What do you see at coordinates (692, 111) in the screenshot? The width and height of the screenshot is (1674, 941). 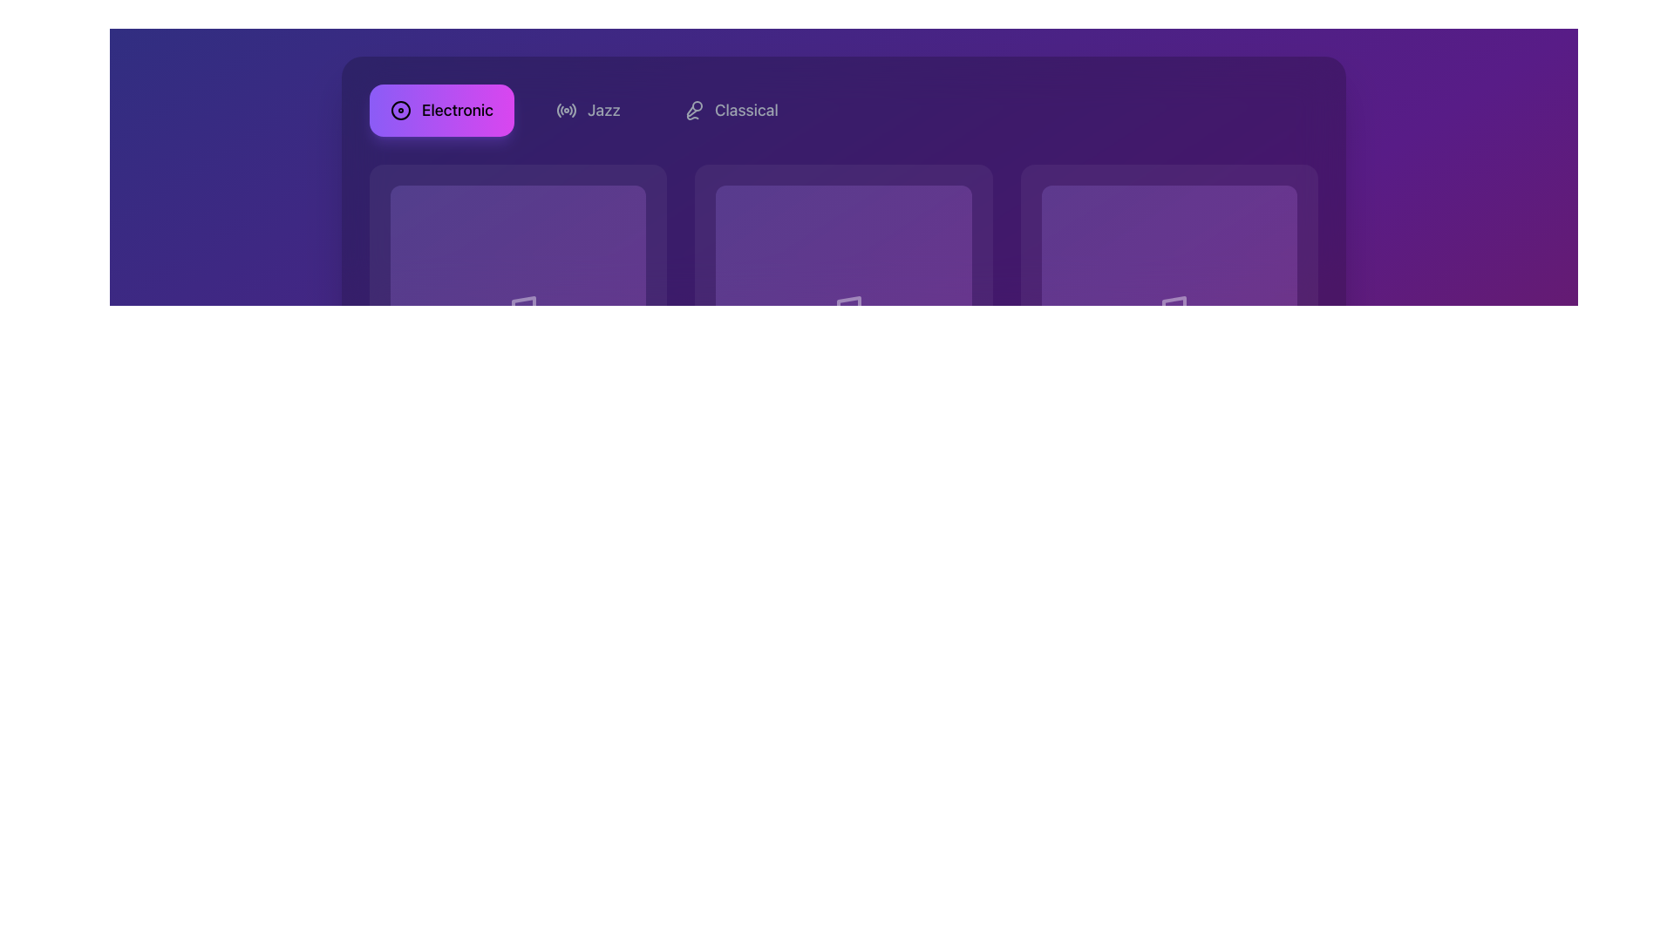 I see `the microphone icon located to the left of the 'Classical' text in the top navigation bar to interact with it` at bounding box center [692, 111].